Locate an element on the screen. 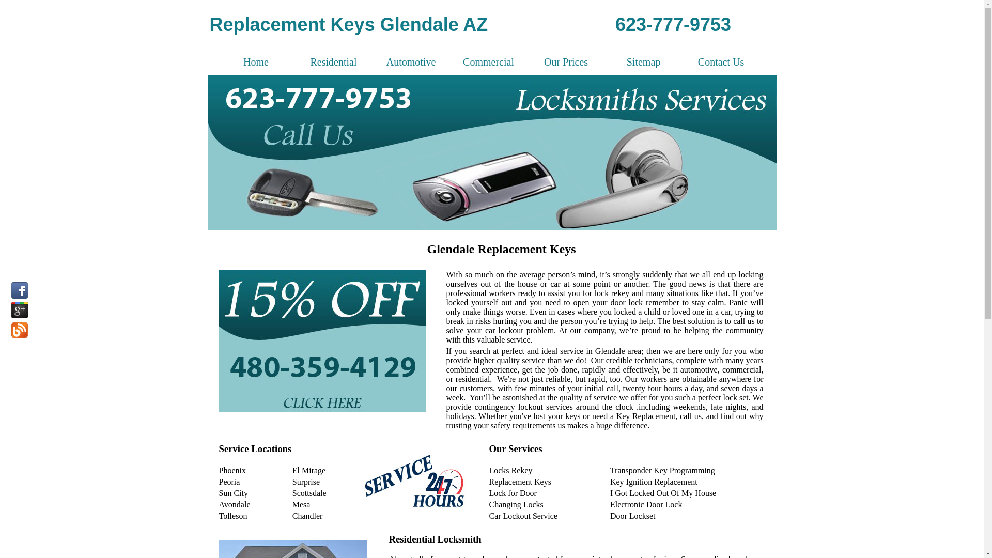 The width and height of the screenshot is (992, 558). 'Commercial' is located at coordinates (488, 62).